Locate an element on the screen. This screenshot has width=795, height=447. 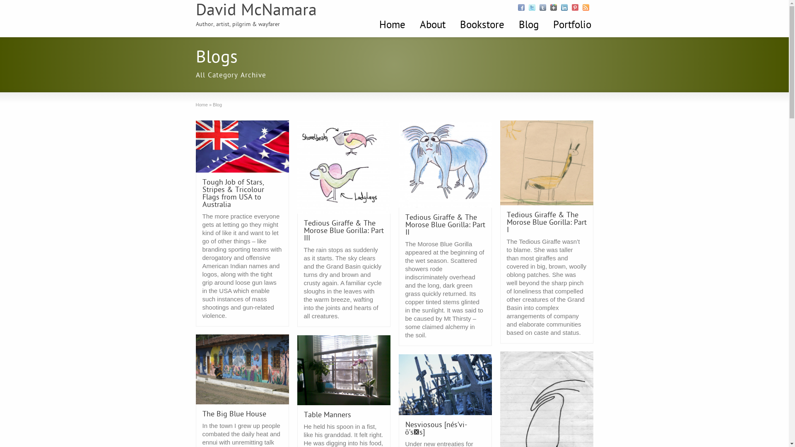
'Follow Me Google +' is located at coordinates (553, 7).